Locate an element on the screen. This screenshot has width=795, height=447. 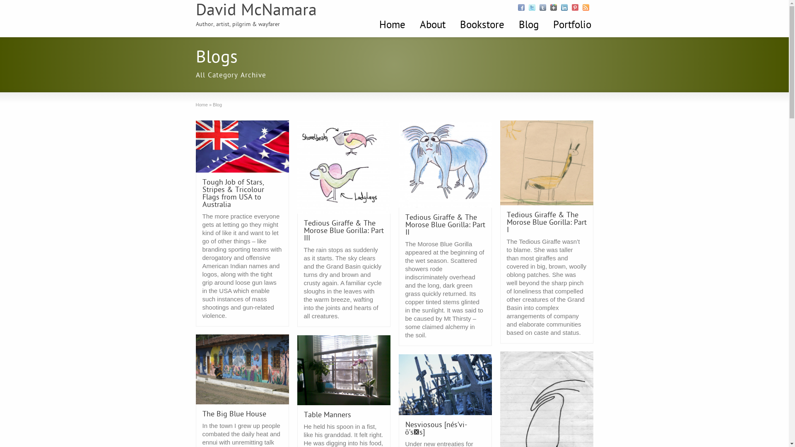
'Follow Me Google +' is located at coordinates (553, 7).